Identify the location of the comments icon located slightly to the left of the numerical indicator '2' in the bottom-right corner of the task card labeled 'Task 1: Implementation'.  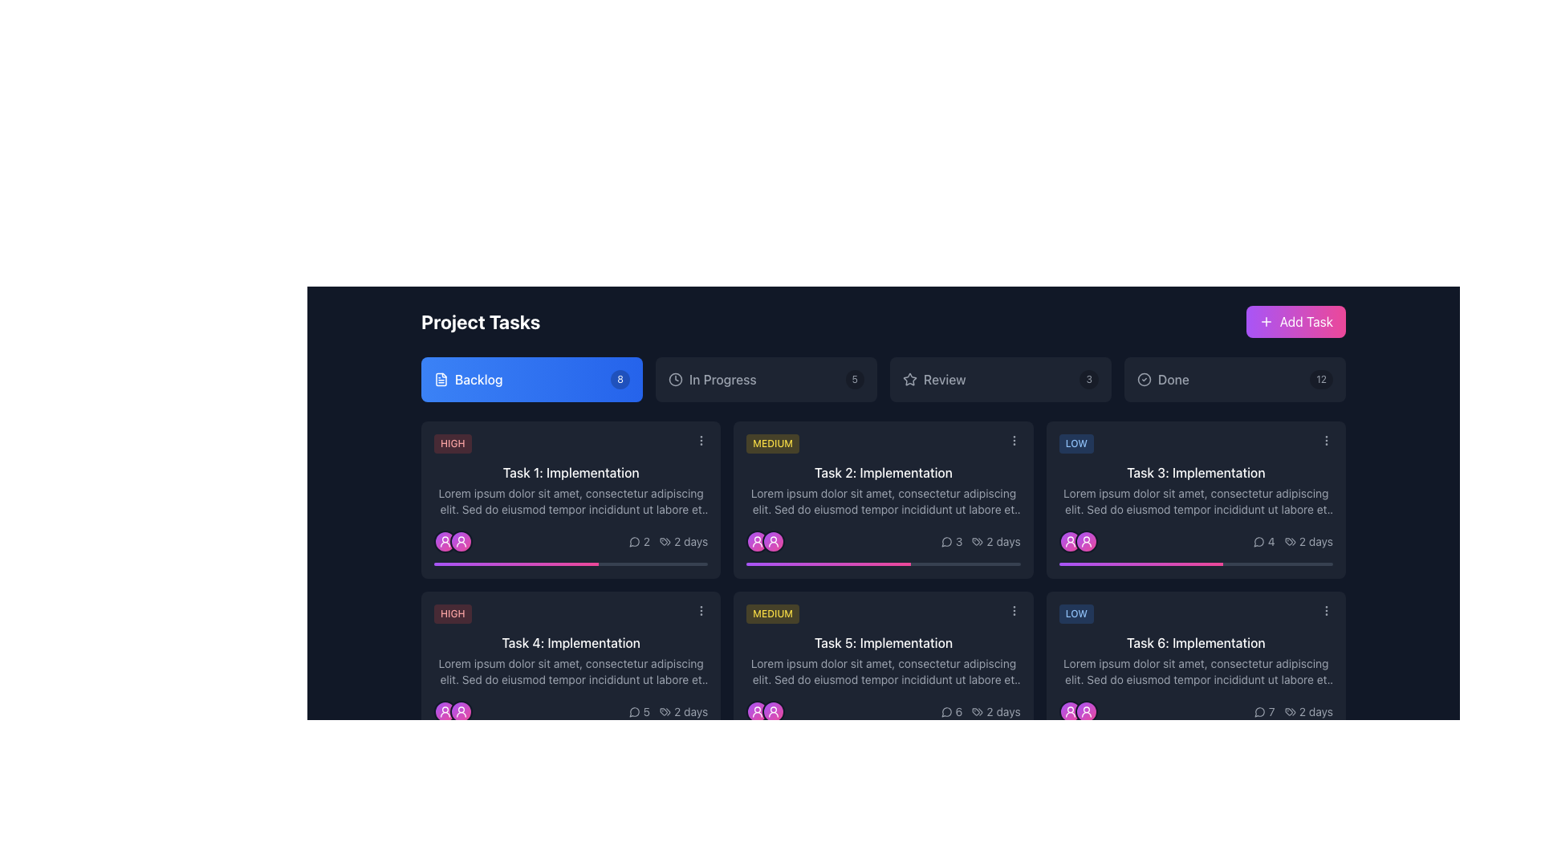
(633, 542).